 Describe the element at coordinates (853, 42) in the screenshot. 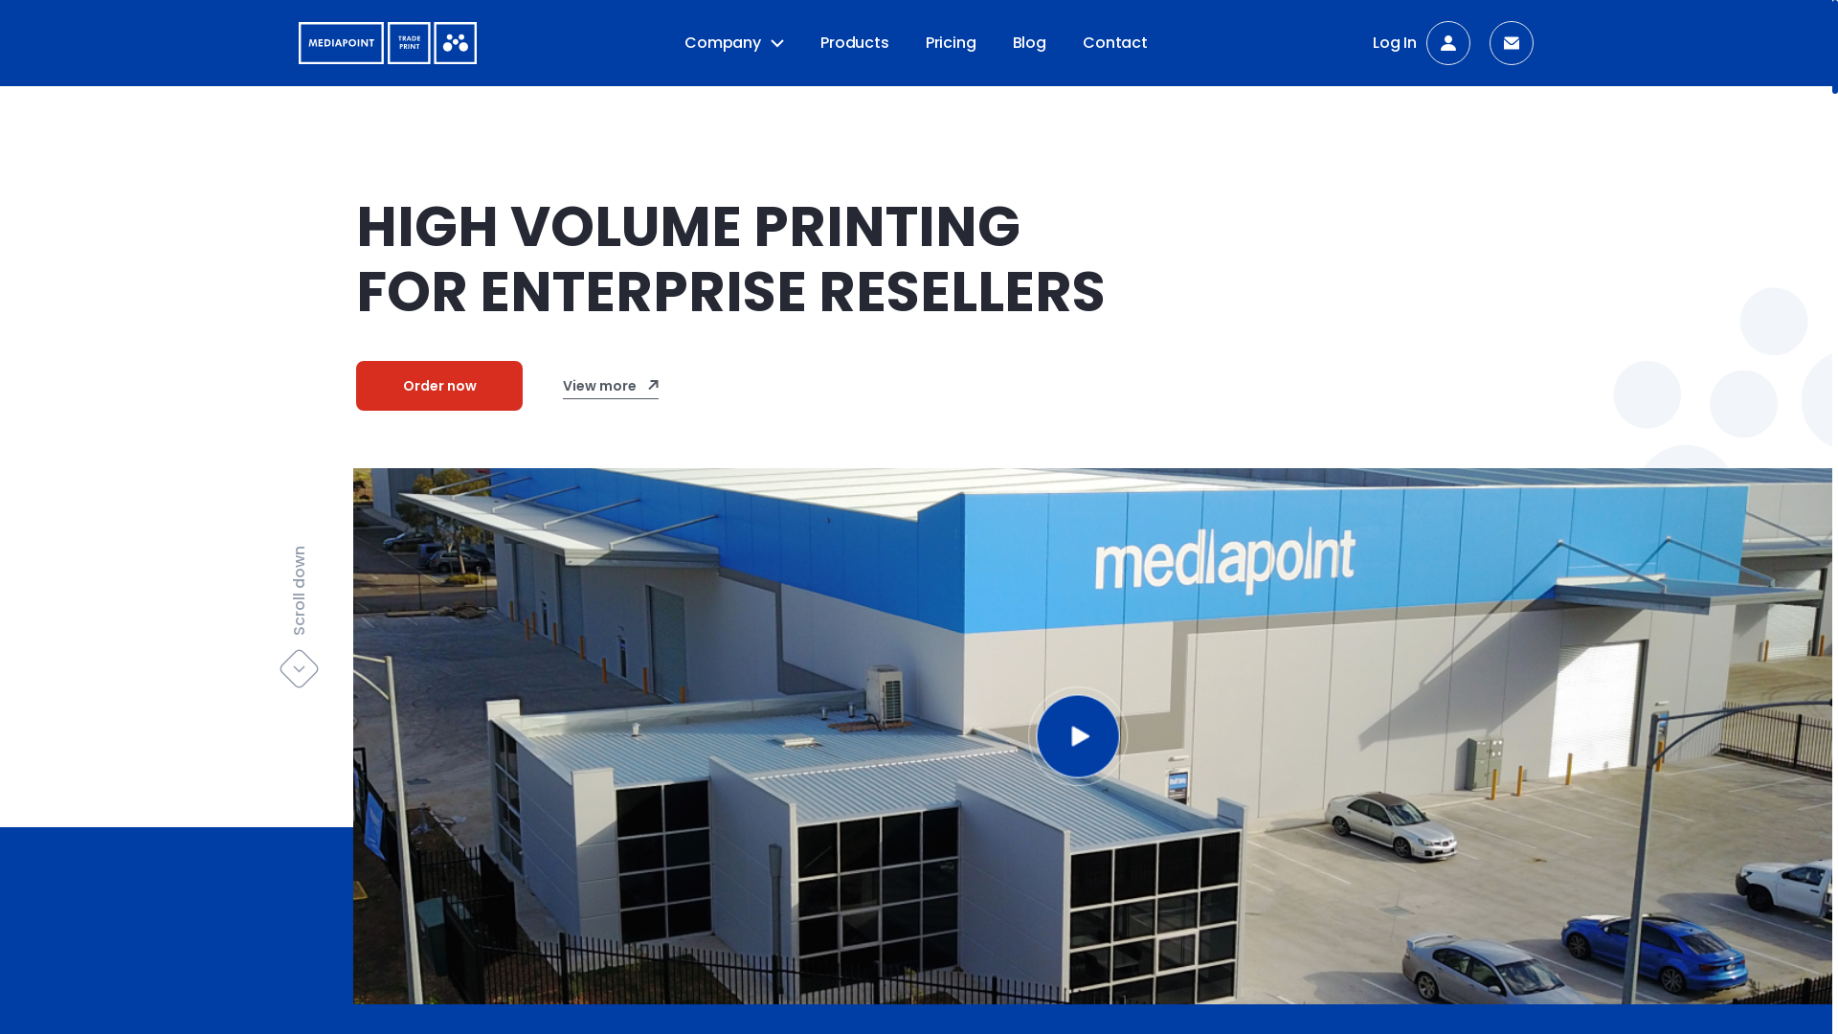

I see `'Products'` at that location.